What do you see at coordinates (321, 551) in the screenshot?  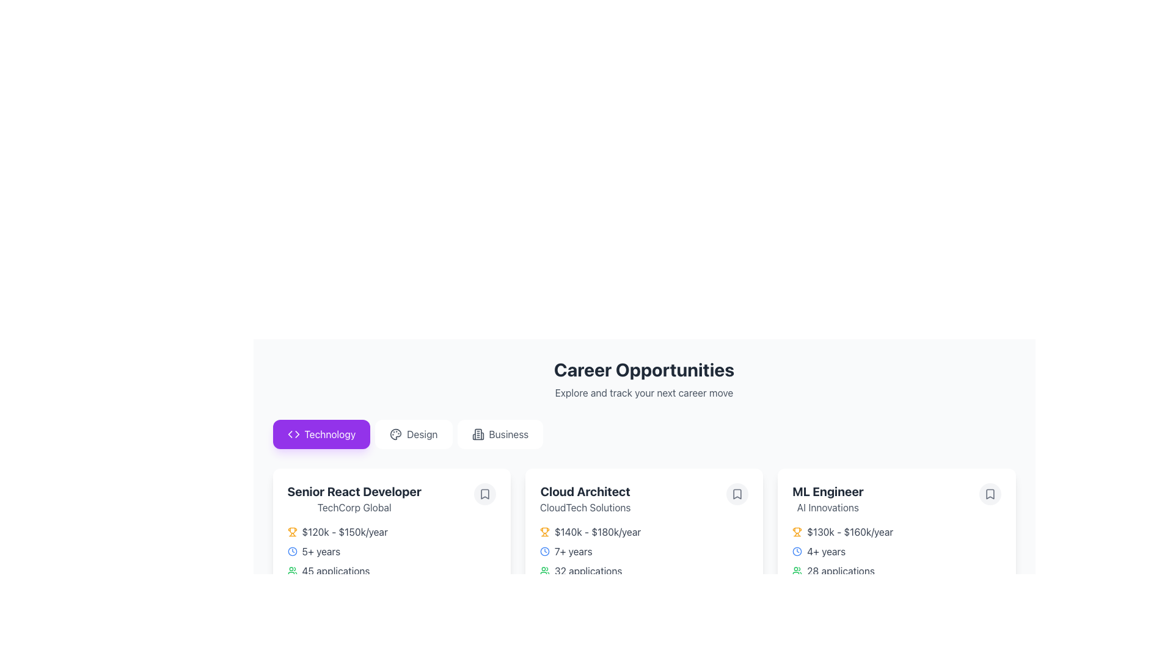 I see `the text label displaying '5+ years', which is located in the job posting section under the Senior React Developer job card, positioned between the salary range and the number of applications` at bounding box center [321, 551].